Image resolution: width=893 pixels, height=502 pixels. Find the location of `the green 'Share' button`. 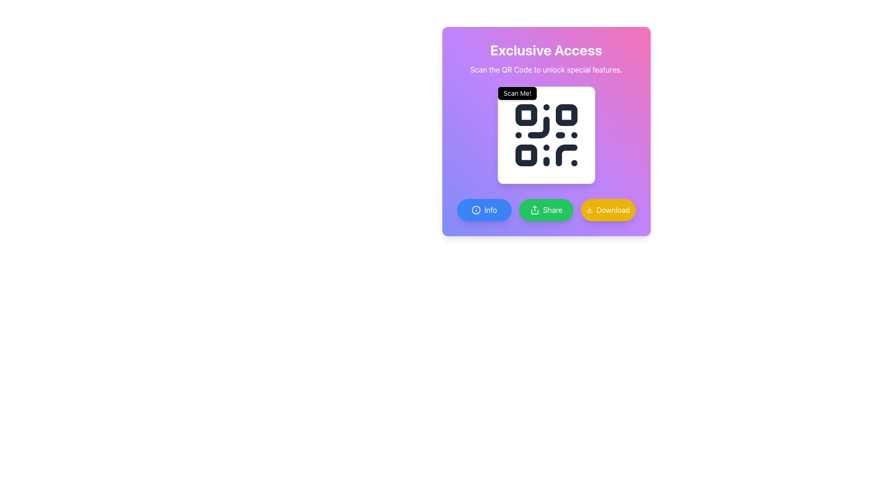

the green 'Share' button is located at coordinates (546, 210).